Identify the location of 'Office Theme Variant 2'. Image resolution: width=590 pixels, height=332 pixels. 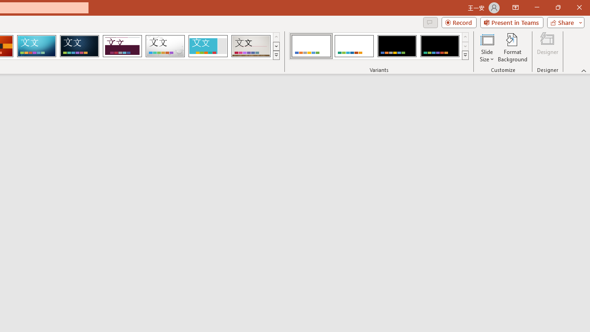
(354, 46).